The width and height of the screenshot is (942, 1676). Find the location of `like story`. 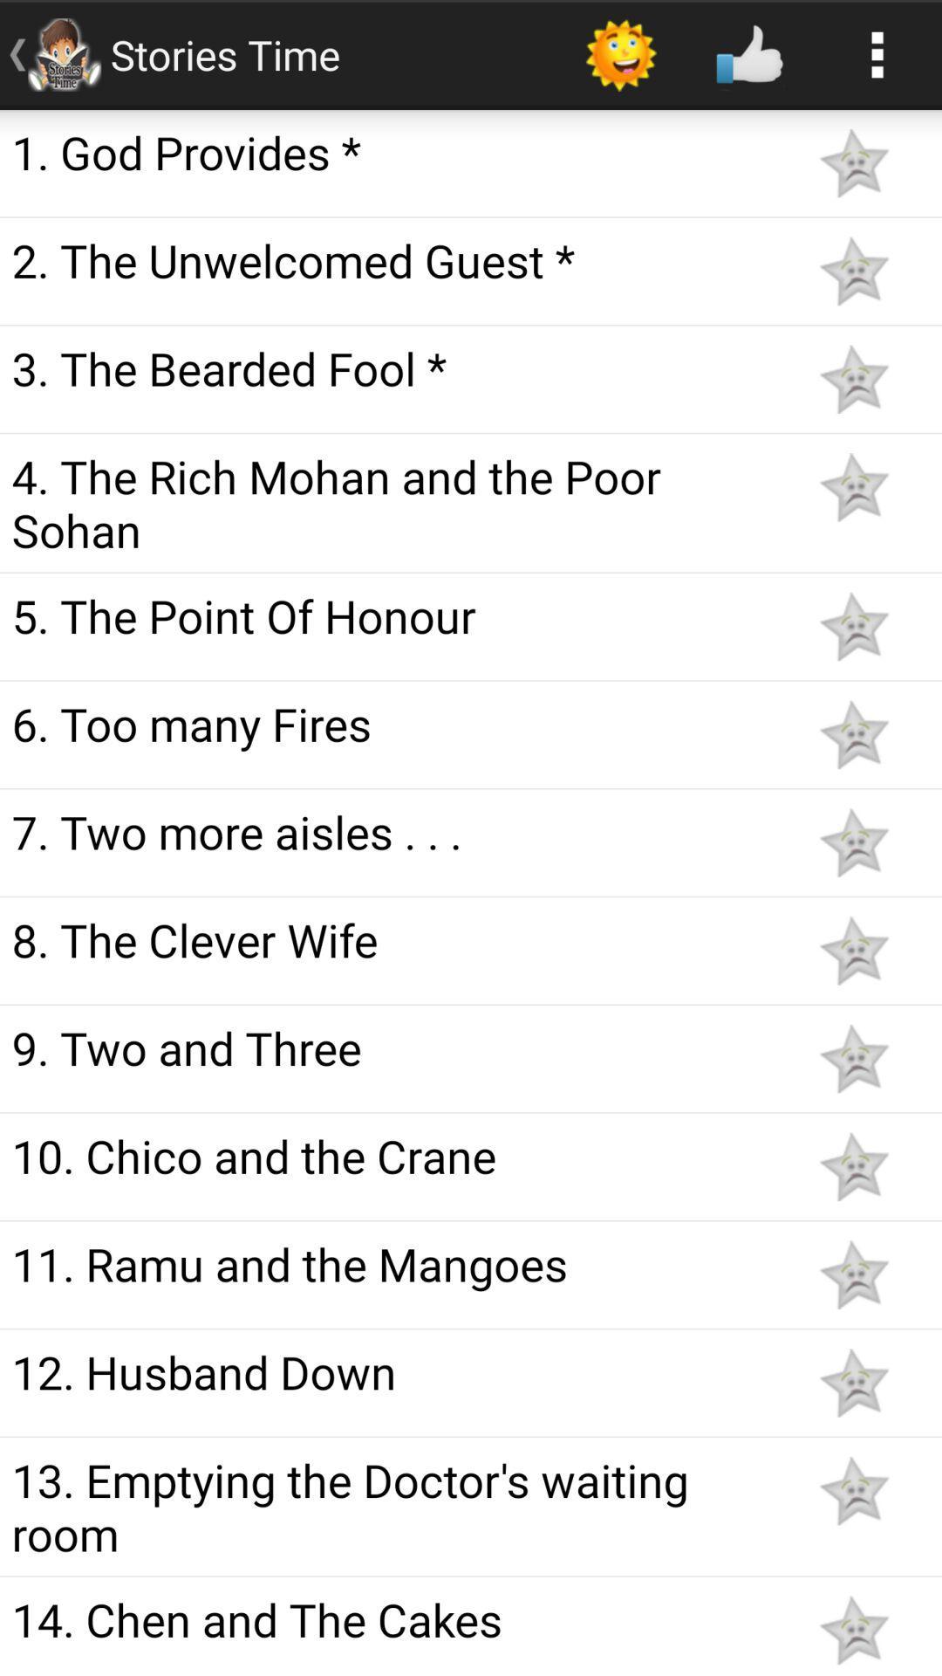

like story is located at coordinates (853, 487).